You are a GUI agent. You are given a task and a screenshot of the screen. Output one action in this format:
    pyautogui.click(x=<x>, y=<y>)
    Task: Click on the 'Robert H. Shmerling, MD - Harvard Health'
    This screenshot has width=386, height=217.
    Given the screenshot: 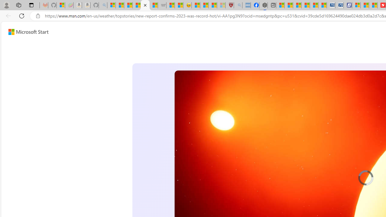 What is the action you would take?
    pyautogui.click(x=229, y=5)
    